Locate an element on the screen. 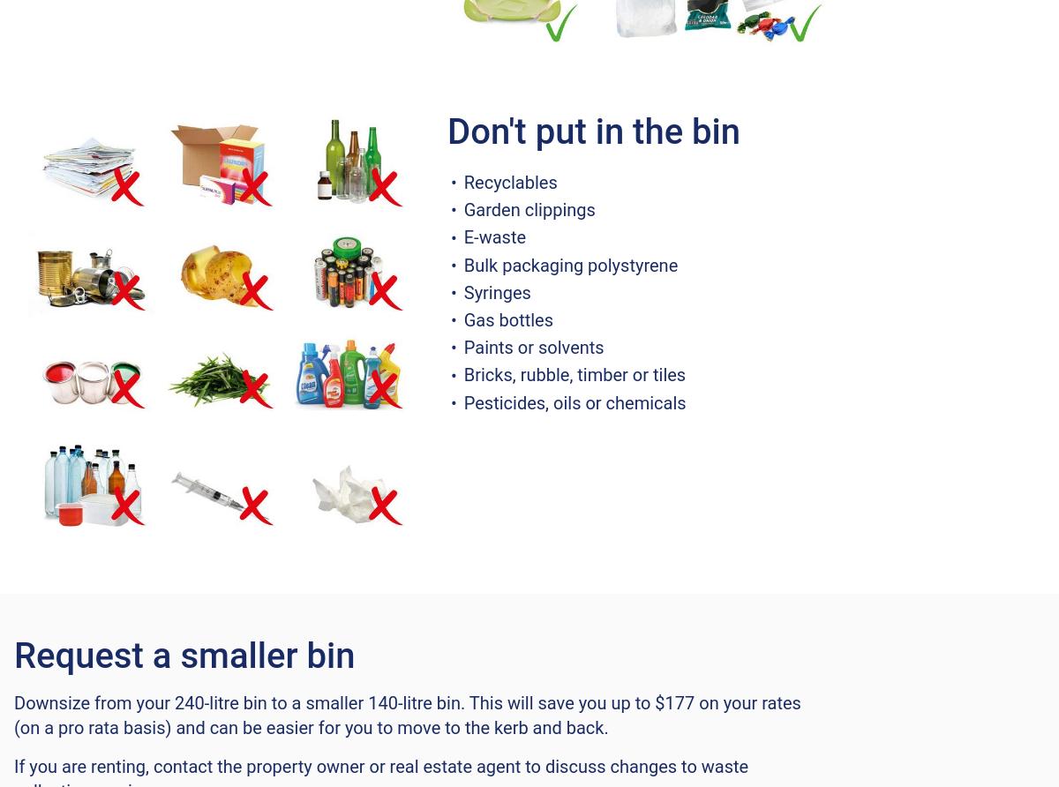 The width and height of the screenshot is (1059, 787). 'E-waste' is located at coordinates (493, 237).